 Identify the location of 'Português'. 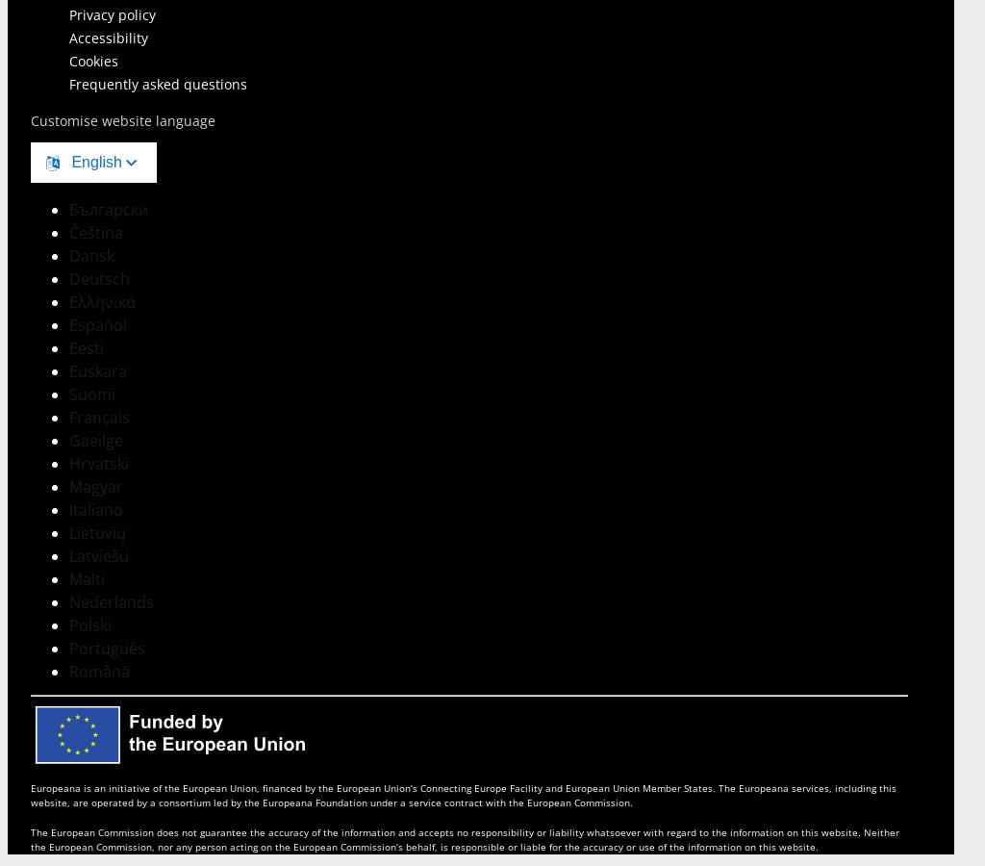
(107, 648).